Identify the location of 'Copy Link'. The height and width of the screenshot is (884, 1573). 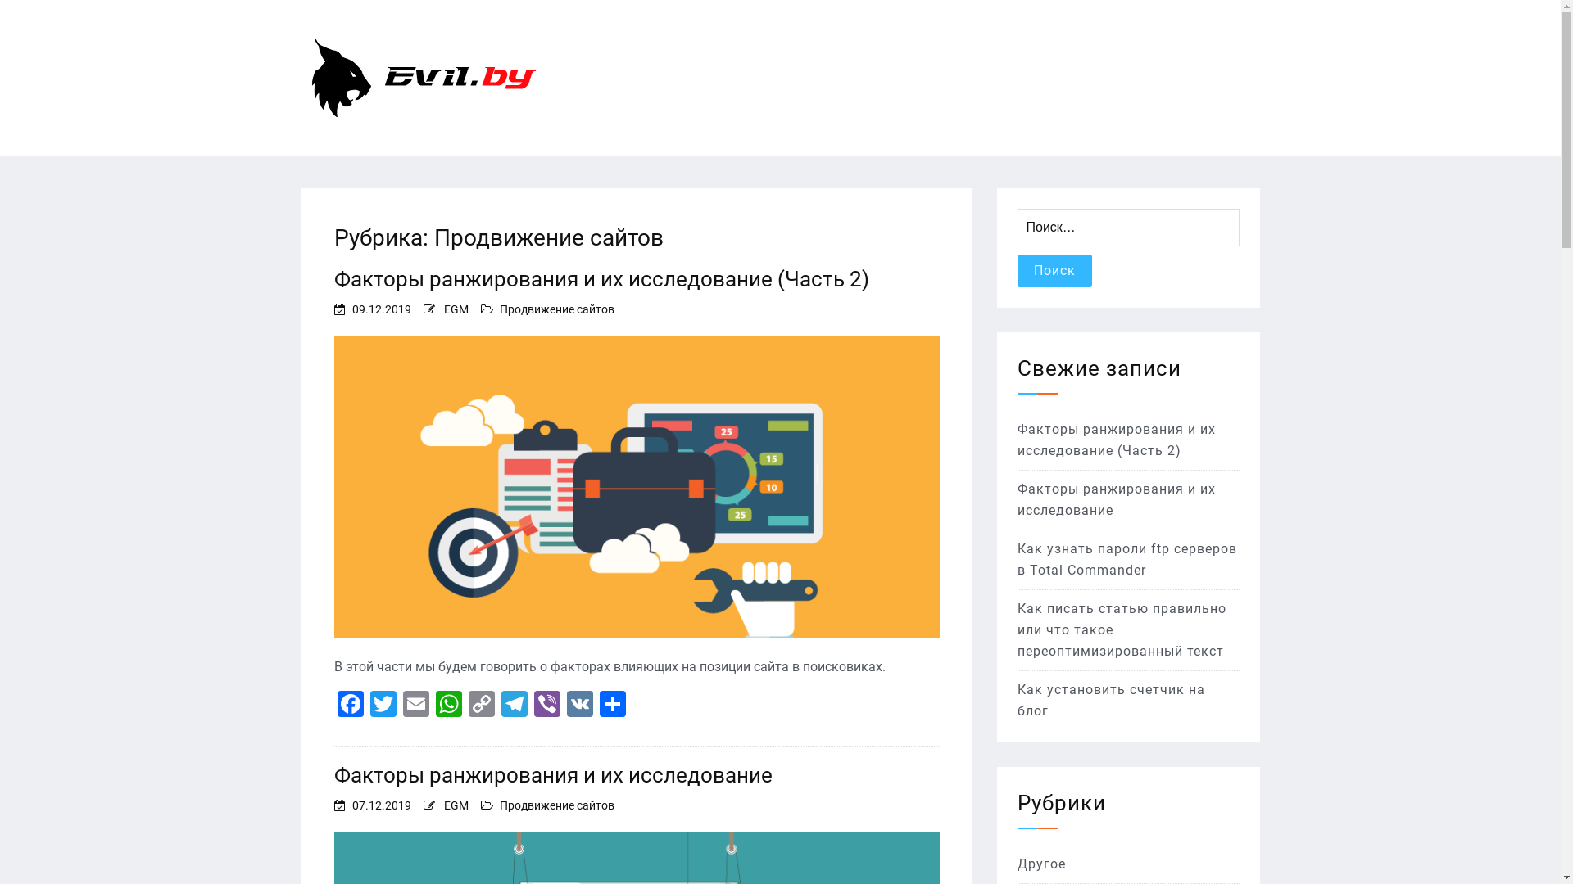
(481, 705).